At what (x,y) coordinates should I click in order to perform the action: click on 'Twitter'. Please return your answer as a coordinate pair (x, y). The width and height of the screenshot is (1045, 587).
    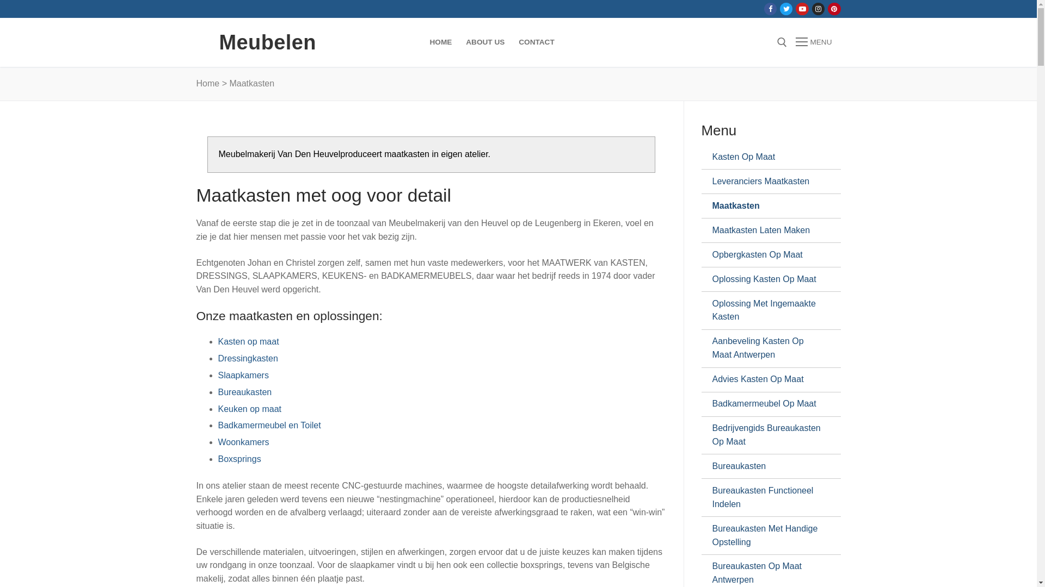
    Looking at the image, I should click on (786, 9).